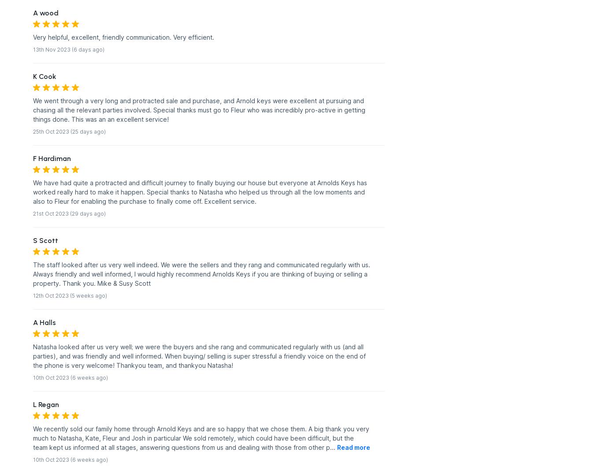 Image resolution: width=602 pixels, height=471 pixels. I want to click on 'Always friendly and well informed, I would highly recommend Arnolds Keys if you are thinking of buying or selling a', so click(200, 273).